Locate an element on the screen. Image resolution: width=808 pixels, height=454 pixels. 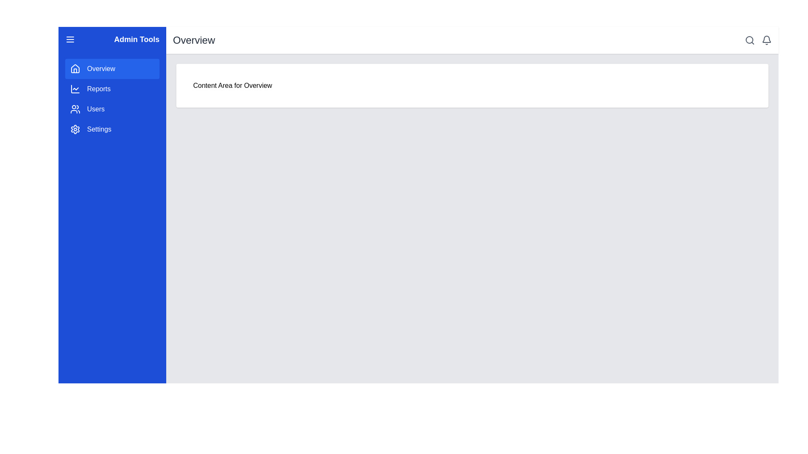
the fourth navigation menu item in the sidebar is located at coordinates (112, 129).